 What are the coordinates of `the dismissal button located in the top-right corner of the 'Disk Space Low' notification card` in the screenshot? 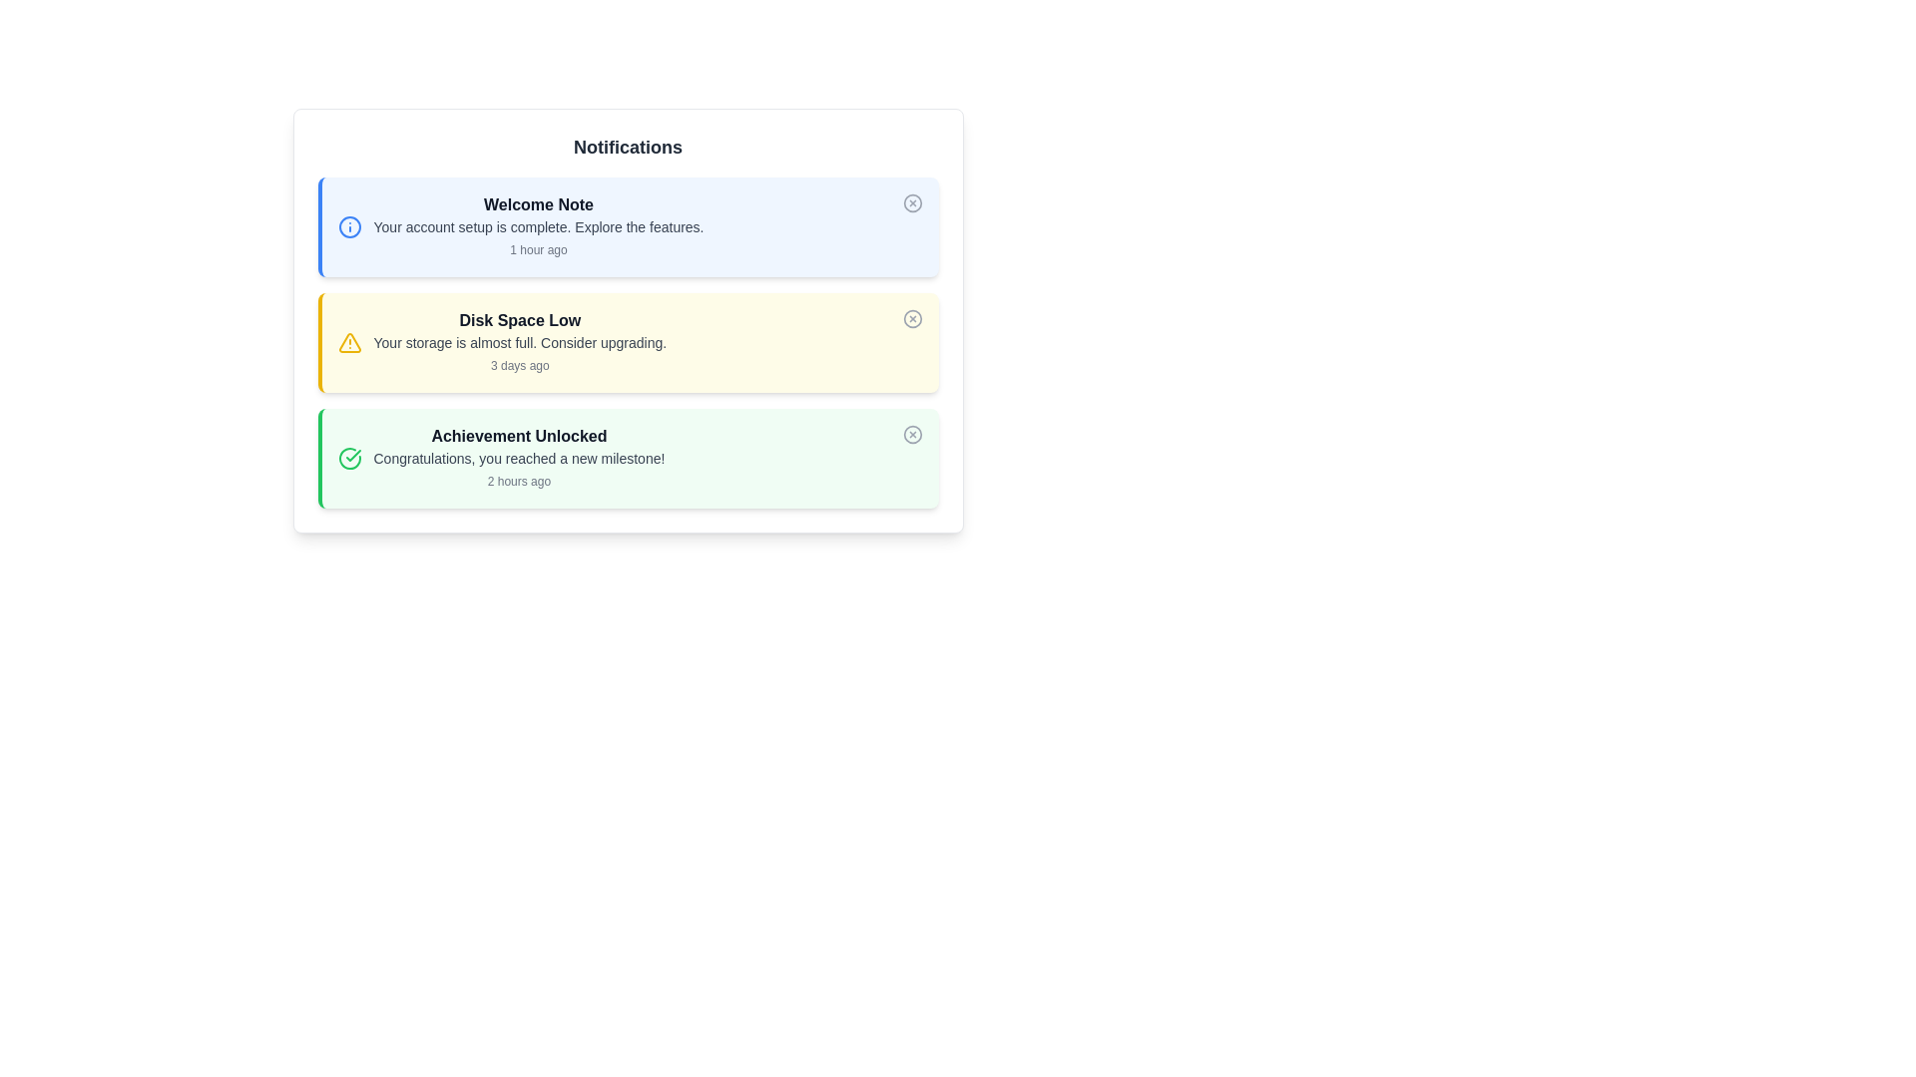 It's located at (911, 318).